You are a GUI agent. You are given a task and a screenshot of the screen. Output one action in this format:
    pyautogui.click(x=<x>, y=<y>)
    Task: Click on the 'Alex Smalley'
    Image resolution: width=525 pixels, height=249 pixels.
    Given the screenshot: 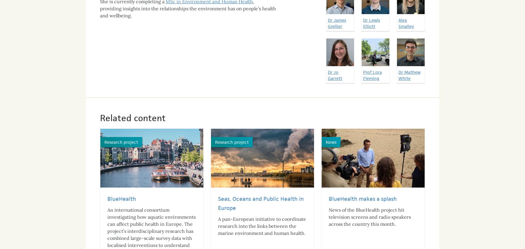 What is the action you would take?
    pyautogui.click(x=398, y=17)
    